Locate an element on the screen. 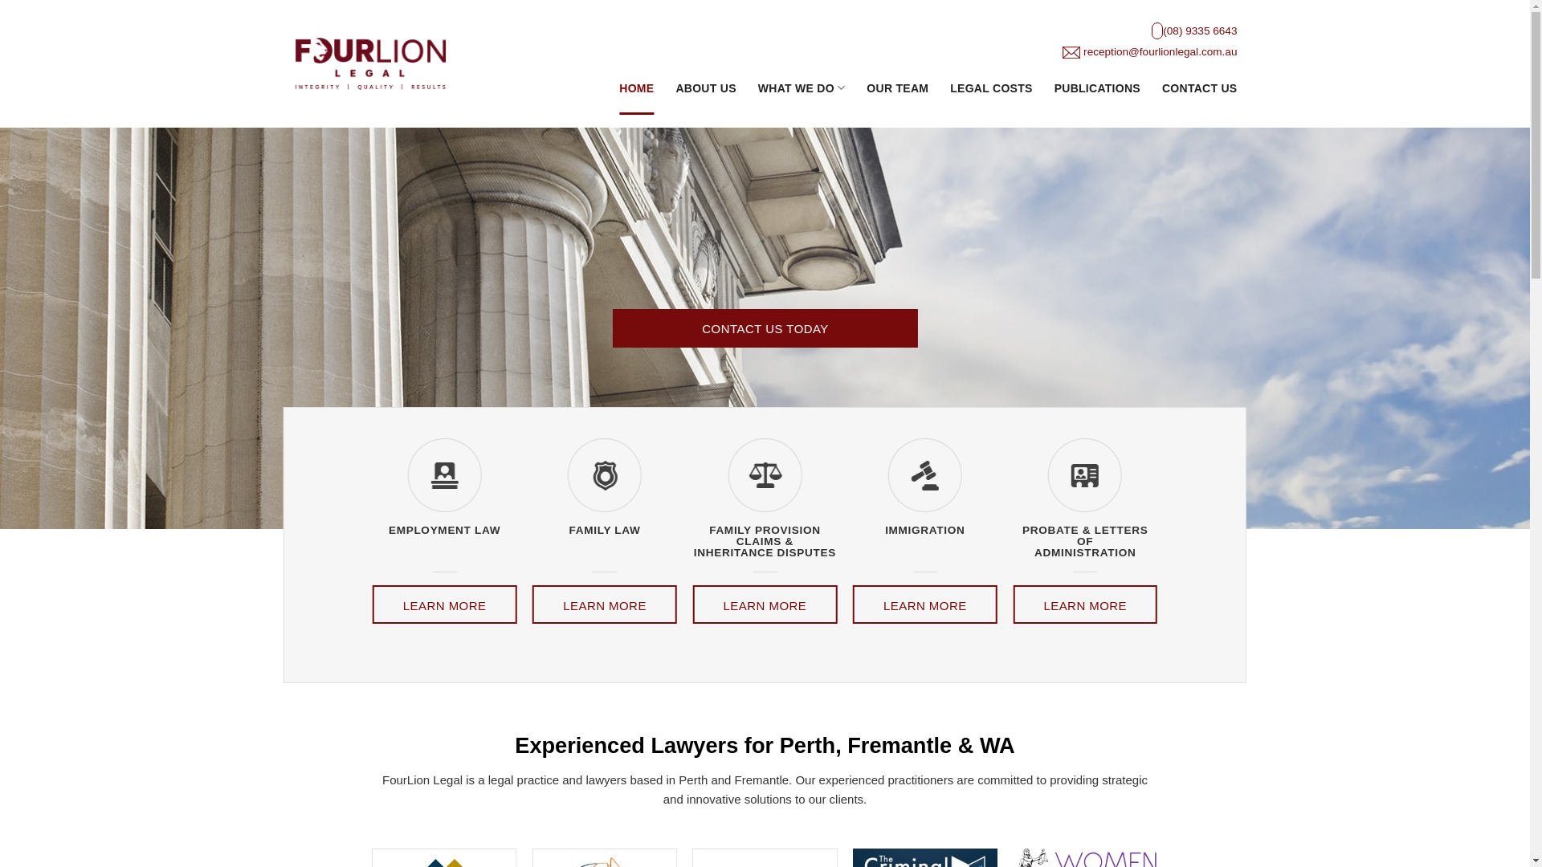  'ABOUT US' is located at coordinates (705, 88).